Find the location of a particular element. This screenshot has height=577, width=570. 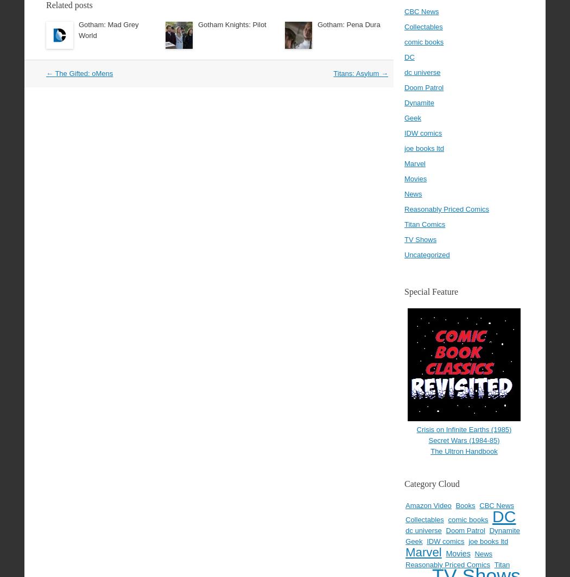

'Gotham: Mad Grey World' is located at coordinates (108, 29).